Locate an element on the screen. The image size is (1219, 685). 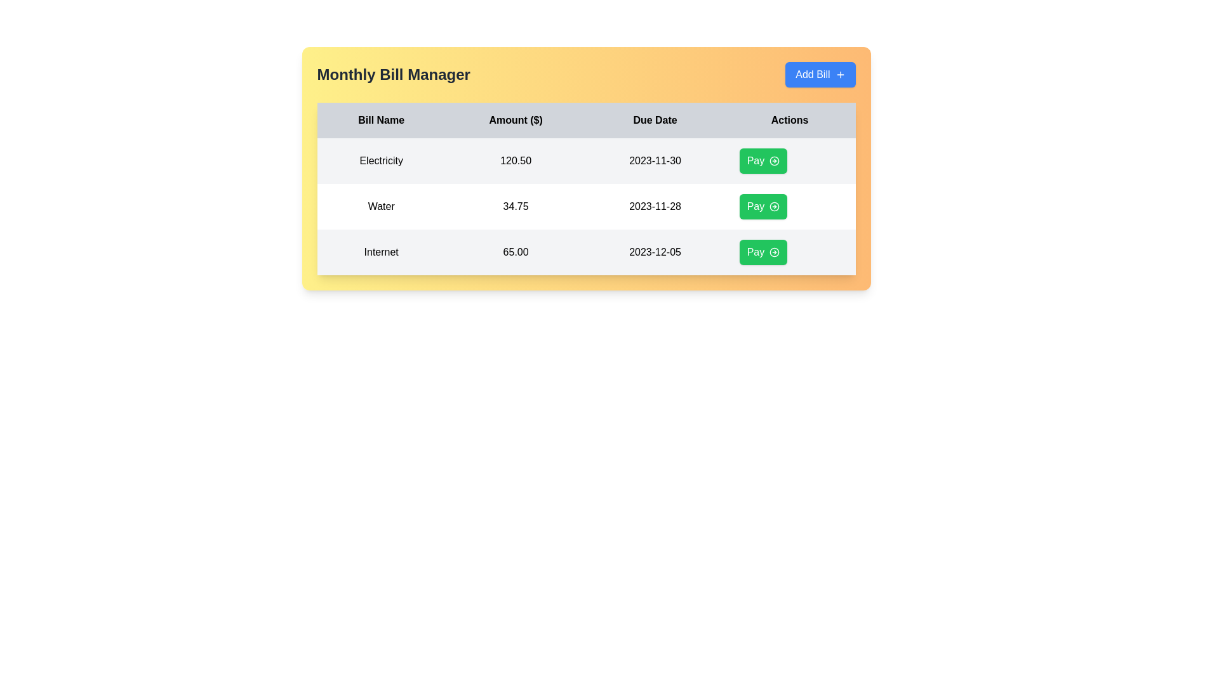
the prominent green 'Pay' button located in the 'Actions' column of the last row in the monthly bills table, which is aligned to the right of the Internet bill is located at coordinates (763, 252).